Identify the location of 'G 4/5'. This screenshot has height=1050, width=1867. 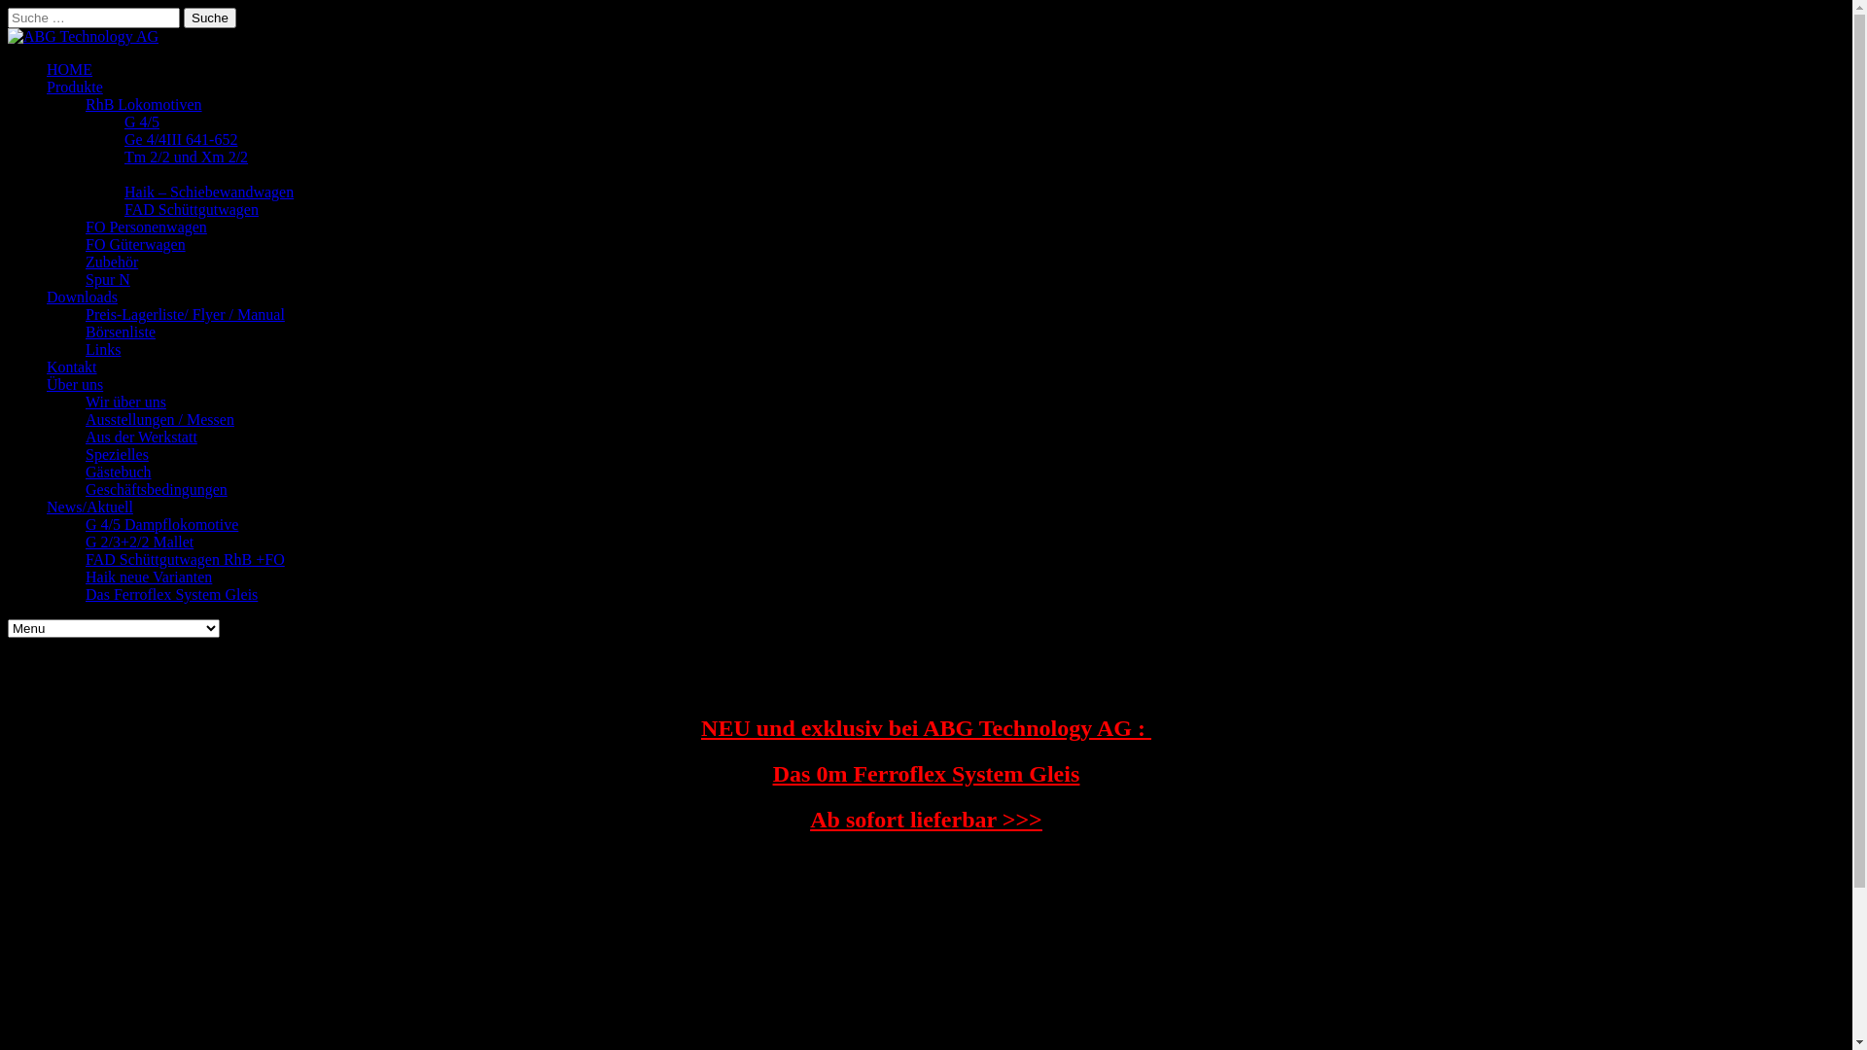
(140, 122).